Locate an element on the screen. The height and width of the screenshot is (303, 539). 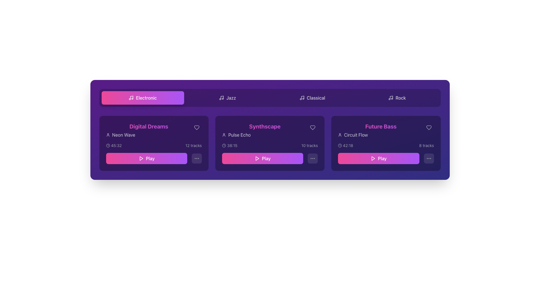
the 'Jazz' icon in the horizontal menu bar, which is located between the 'Electronic' tab and the 'Classical' tab is located at coordinates (221, 97).